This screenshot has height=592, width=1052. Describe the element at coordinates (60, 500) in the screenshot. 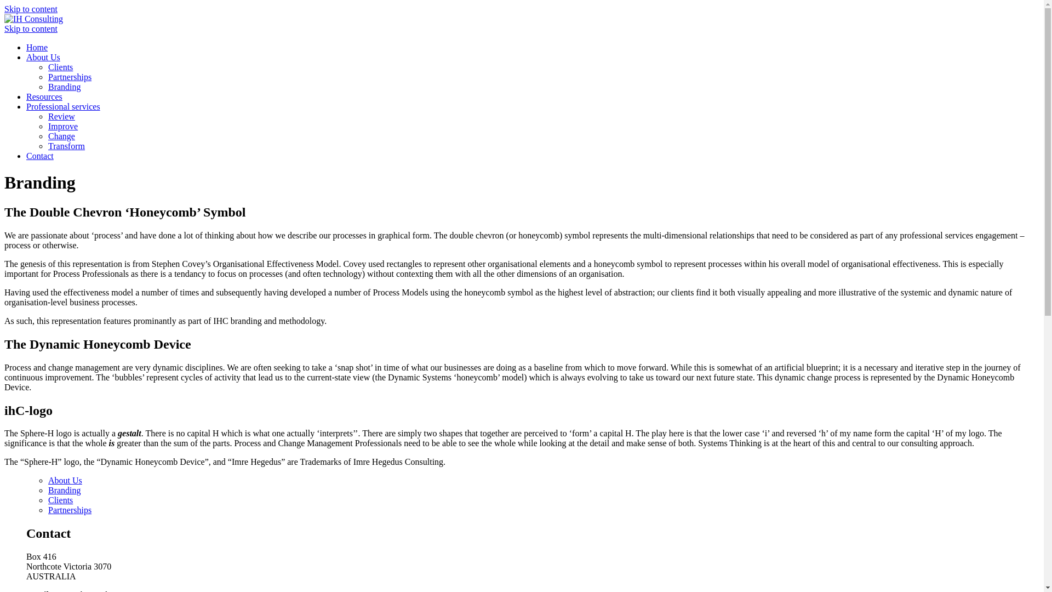

I see `'Clients'` at that location.